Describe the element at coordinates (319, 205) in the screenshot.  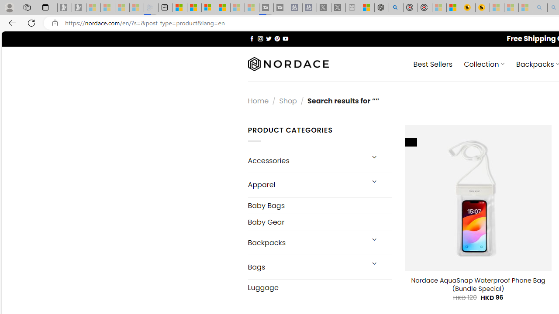
I see `'Baby Bags'` at that location.